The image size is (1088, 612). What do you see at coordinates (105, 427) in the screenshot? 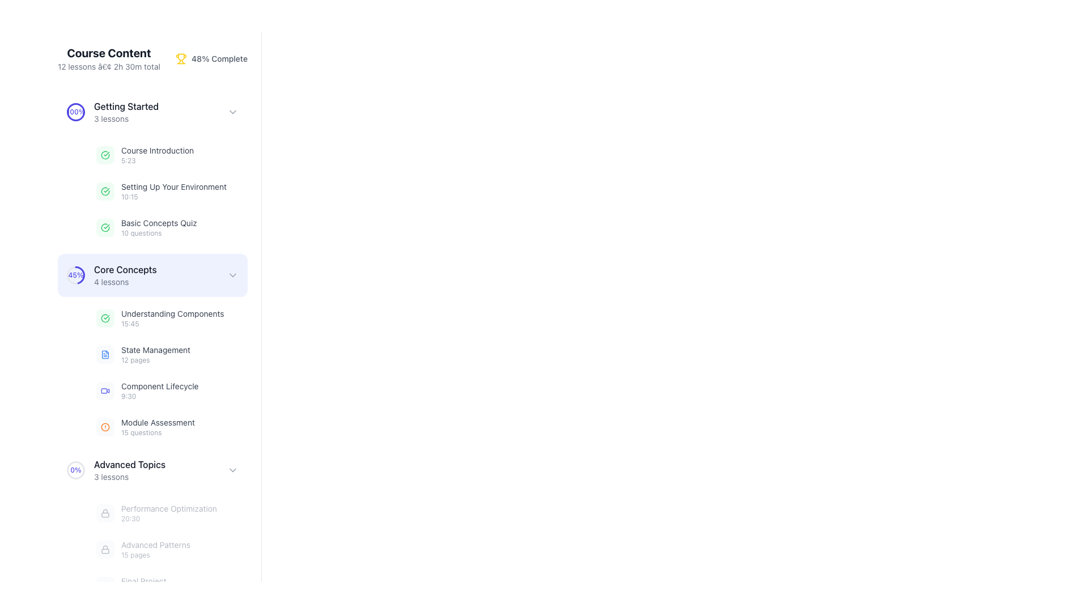
I see `the state indicator icon located to the left of the 'Module Assessment' text within the 'Core Concepts' section` at bounding box center [105, 427].